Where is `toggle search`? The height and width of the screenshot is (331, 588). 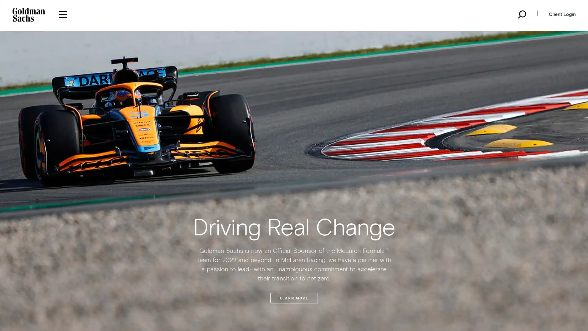 toggle search is located at coordinates (521, 14).